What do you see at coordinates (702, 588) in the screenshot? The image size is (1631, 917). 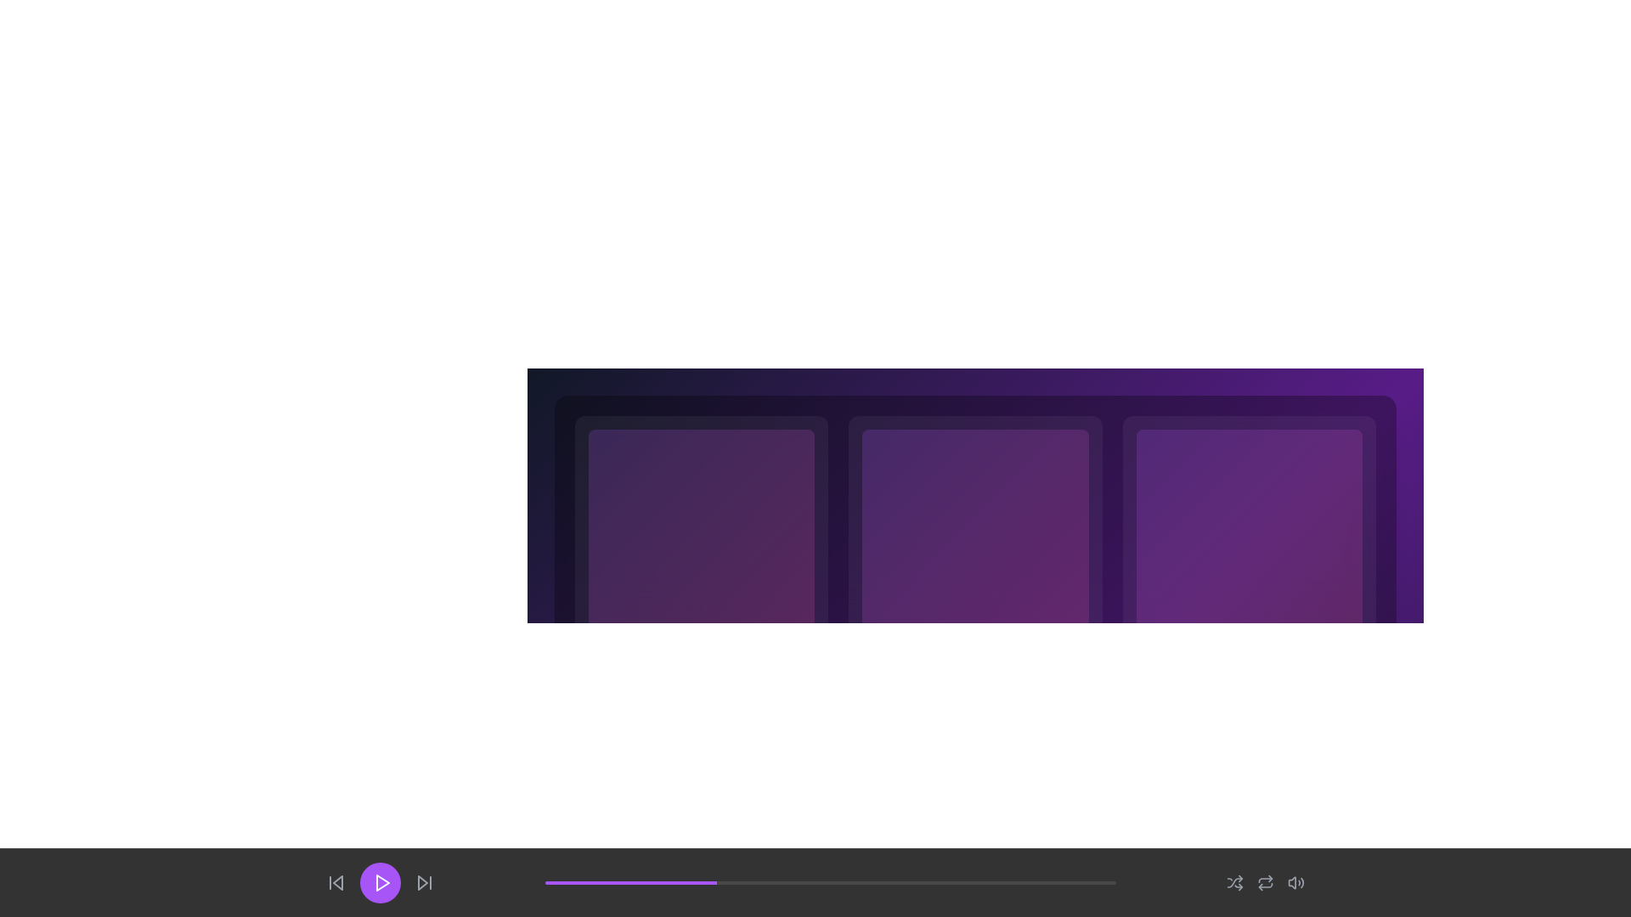 I see `the 'Neon Lights' multimedia card, which is the first card in a three-column grid layout` at bounding box center [702, 588].